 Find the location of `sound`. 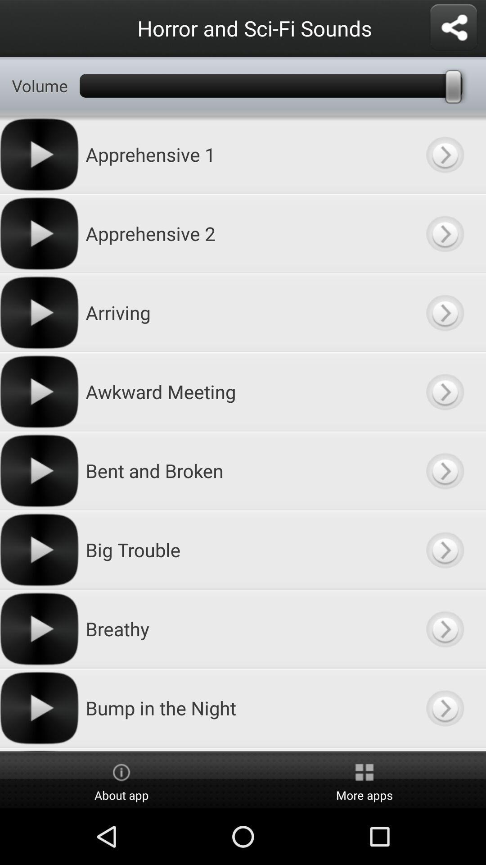

sound is located at coordinates (444, 392).